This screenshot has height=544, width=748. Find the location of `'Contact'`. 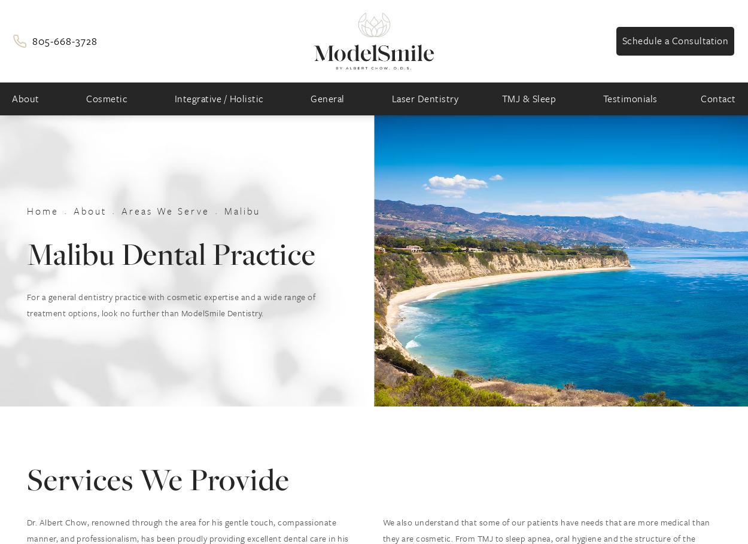

'Contact' is located at coordinates (717, 98).